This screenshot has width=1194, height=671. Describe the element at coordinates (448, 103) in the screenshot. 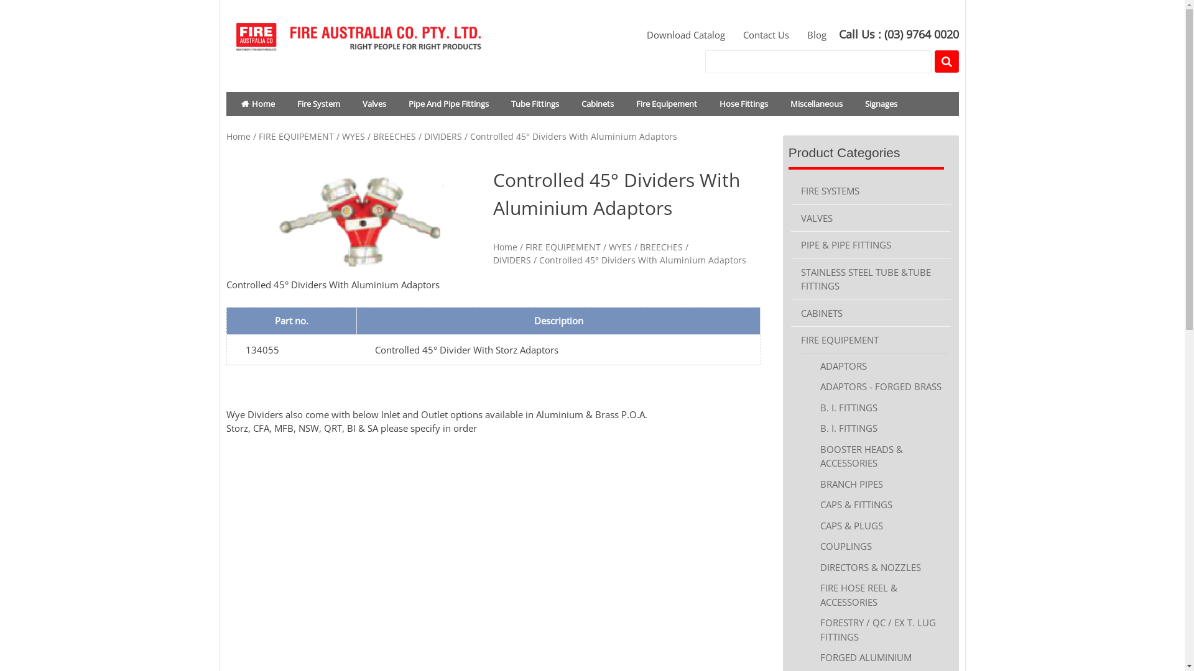

I see `'Pipe And Pipe Fittings'` at that location.